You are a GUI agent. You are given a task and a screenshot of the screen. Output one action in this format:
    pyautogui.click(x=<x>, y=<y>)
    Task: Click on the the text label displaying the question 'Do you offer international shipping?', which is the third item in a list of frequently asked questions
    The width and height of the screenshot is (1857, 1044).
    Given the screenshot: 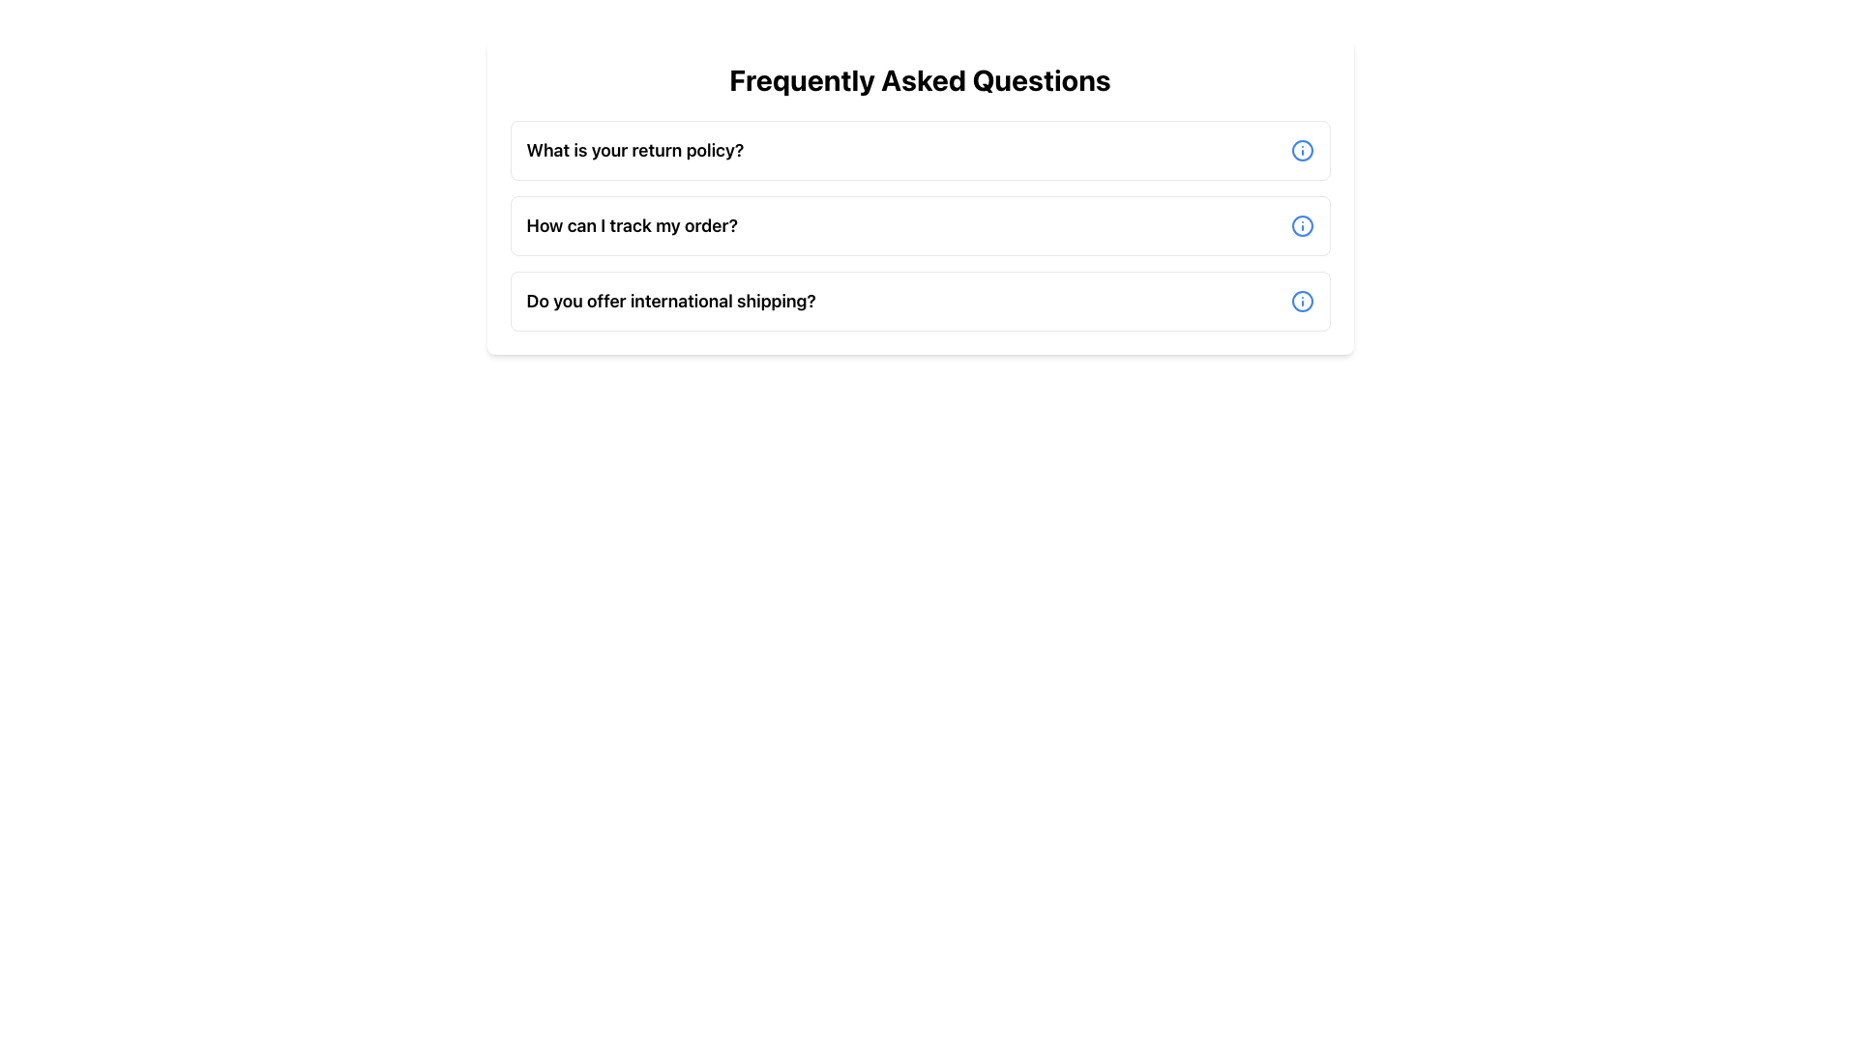 What is the action you would take?
    pyautogui.click(x=671, y=302)
    